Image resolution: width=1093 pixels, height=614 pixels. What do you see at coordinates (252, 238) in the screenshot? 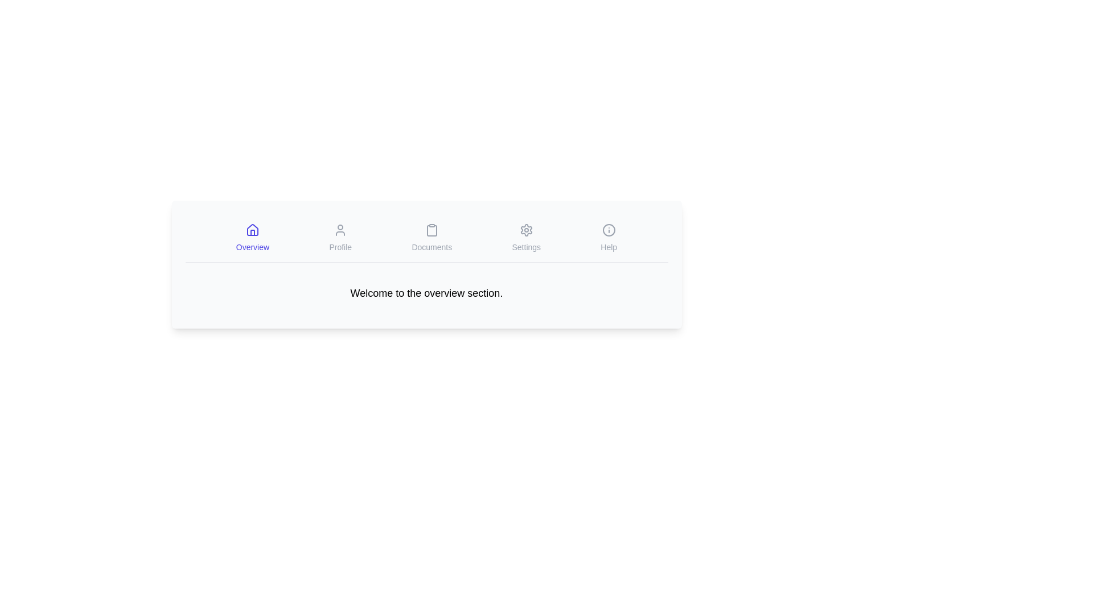
I see `the leftmost Navigation menu item in the horizontal navigation bar` at bounding box center [252, 238].